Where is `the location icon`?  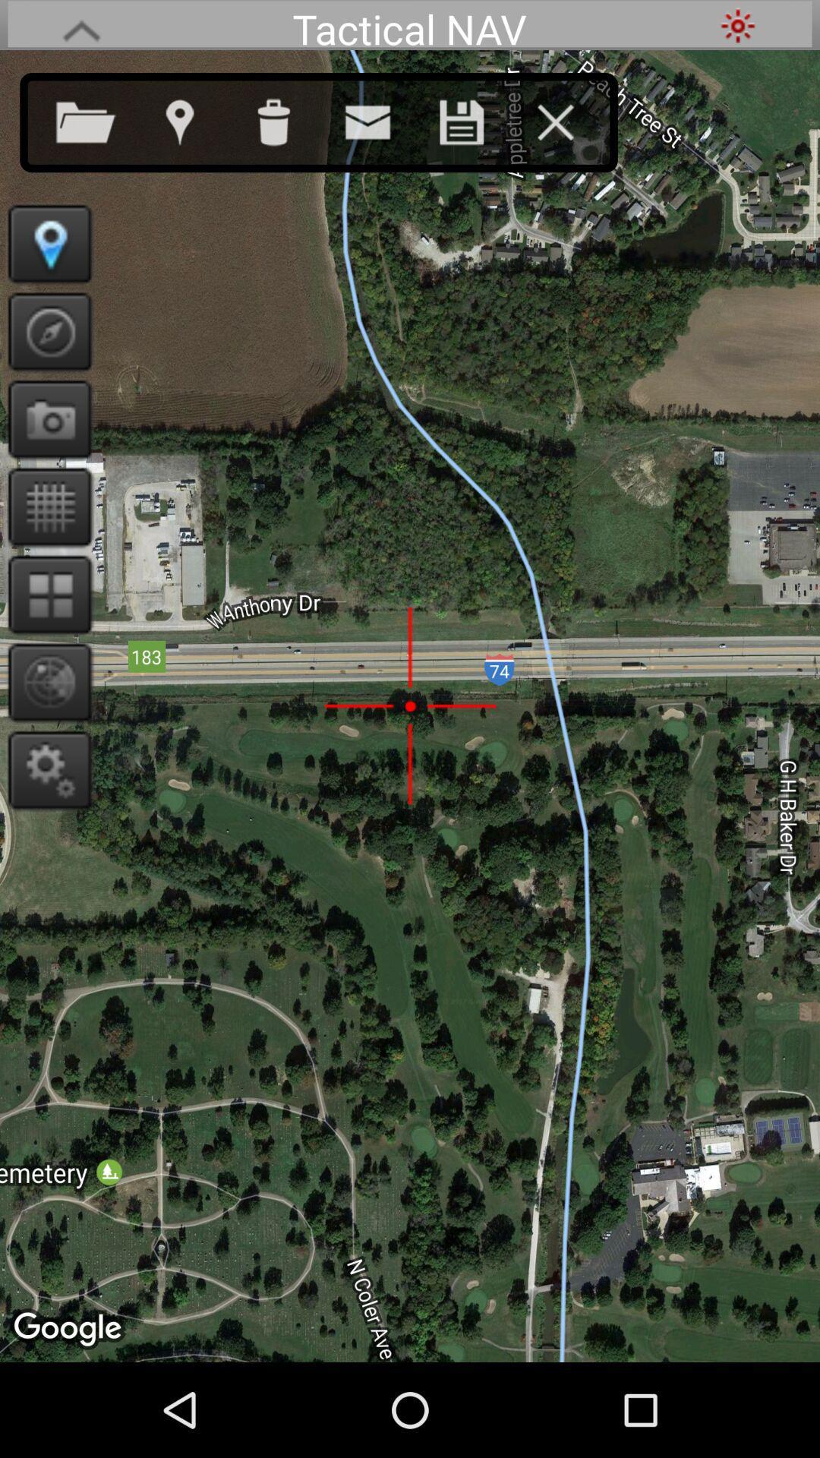
the location icon is located at coordinates (194, 128).